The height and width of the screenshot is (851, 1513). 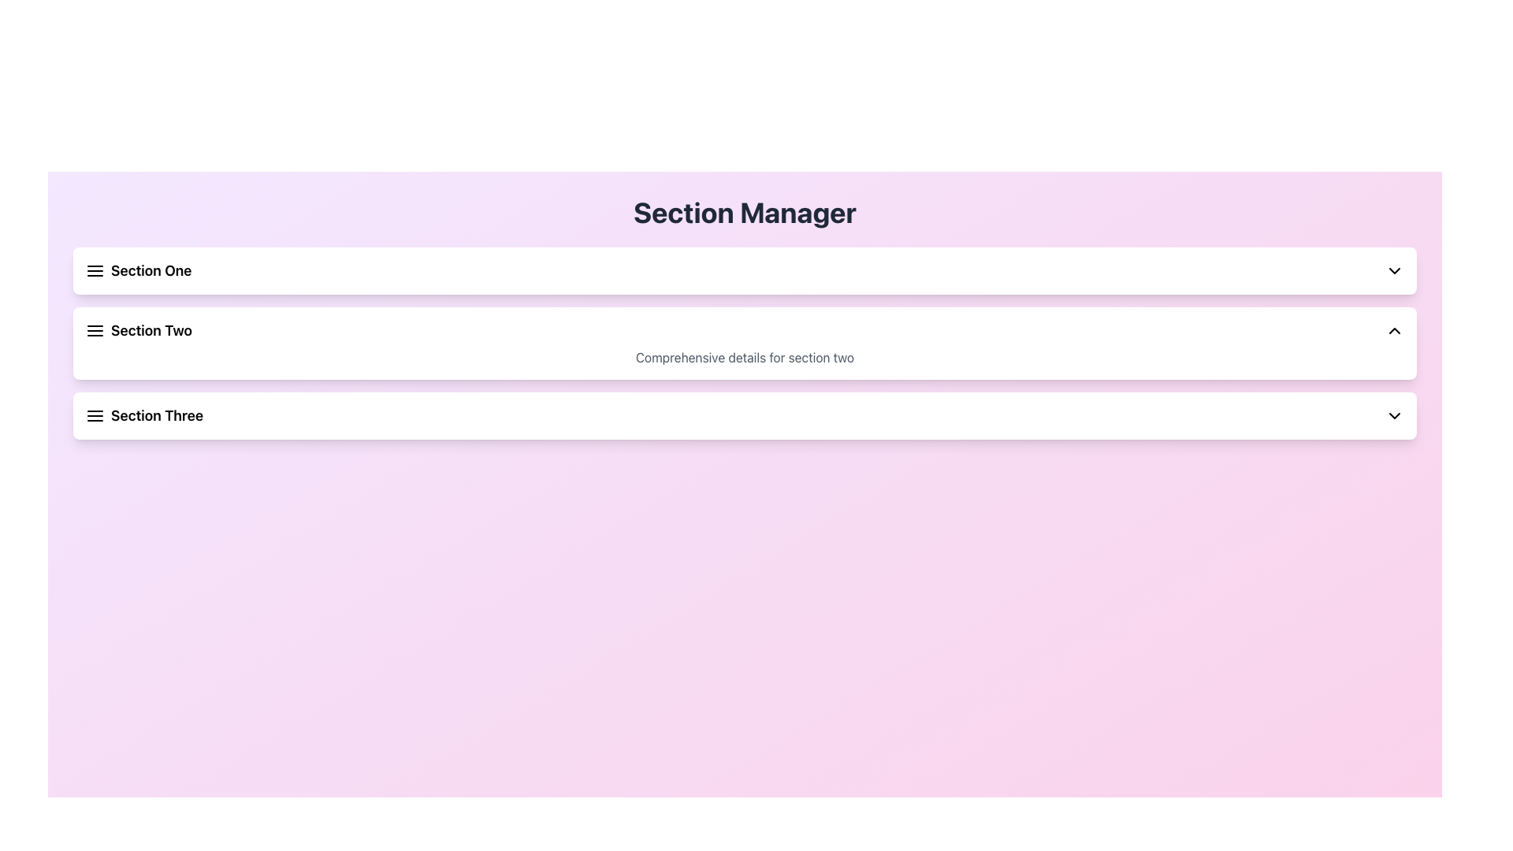 What do you see at coordinates (1395, 330) in the screenshot?
I see `the toggle icon button located at the upper-right corner of the 'Section Two' header` at bounding box center [1395, 330].